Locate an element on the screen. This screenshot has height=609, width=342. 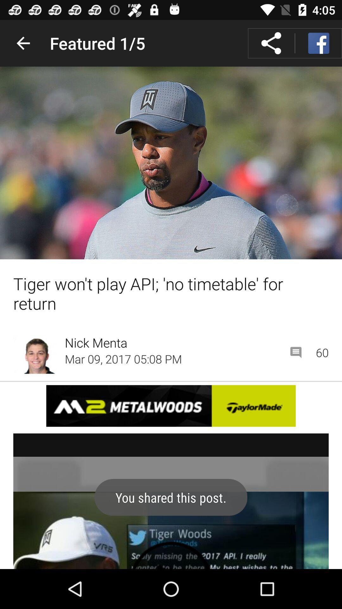
advertisement link is located at coordinates (171, 405).